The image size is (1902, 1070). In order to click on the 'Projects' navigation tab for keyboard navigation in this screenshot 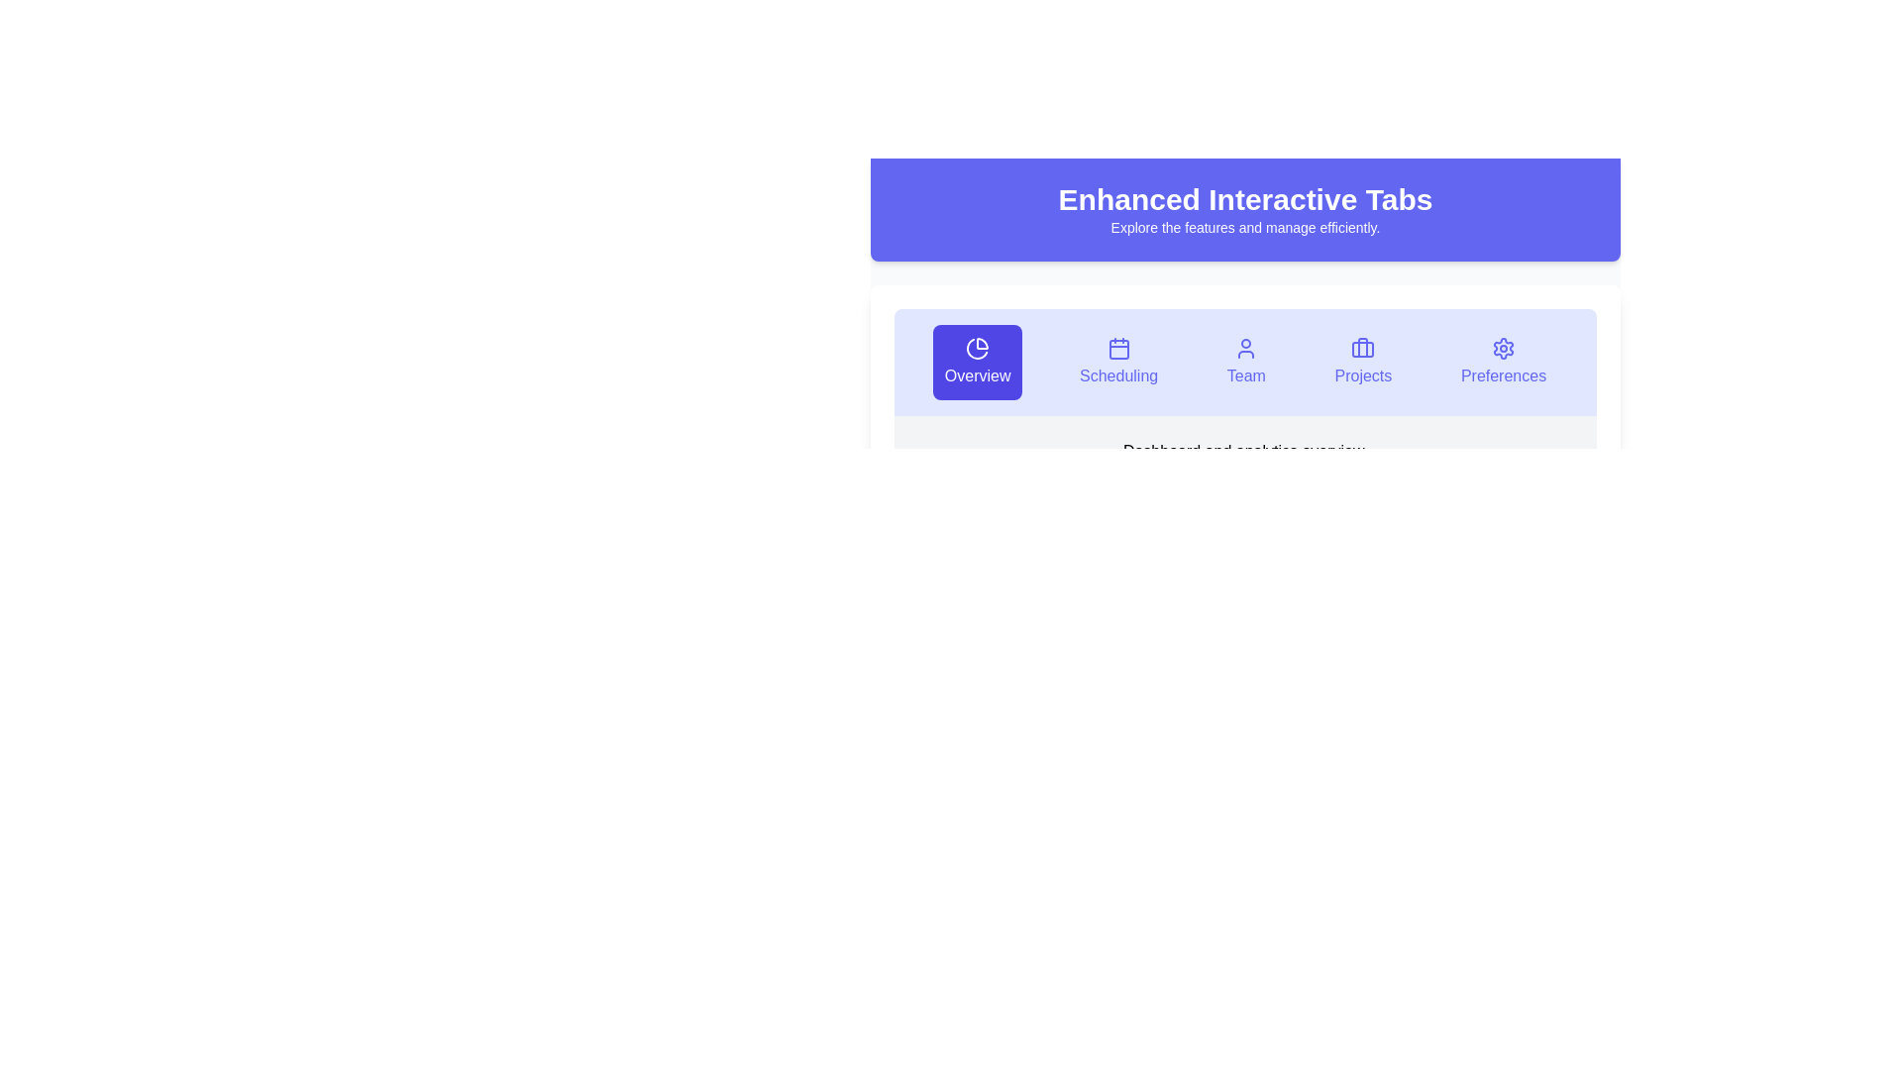, I will do `click(1362, 363)`.